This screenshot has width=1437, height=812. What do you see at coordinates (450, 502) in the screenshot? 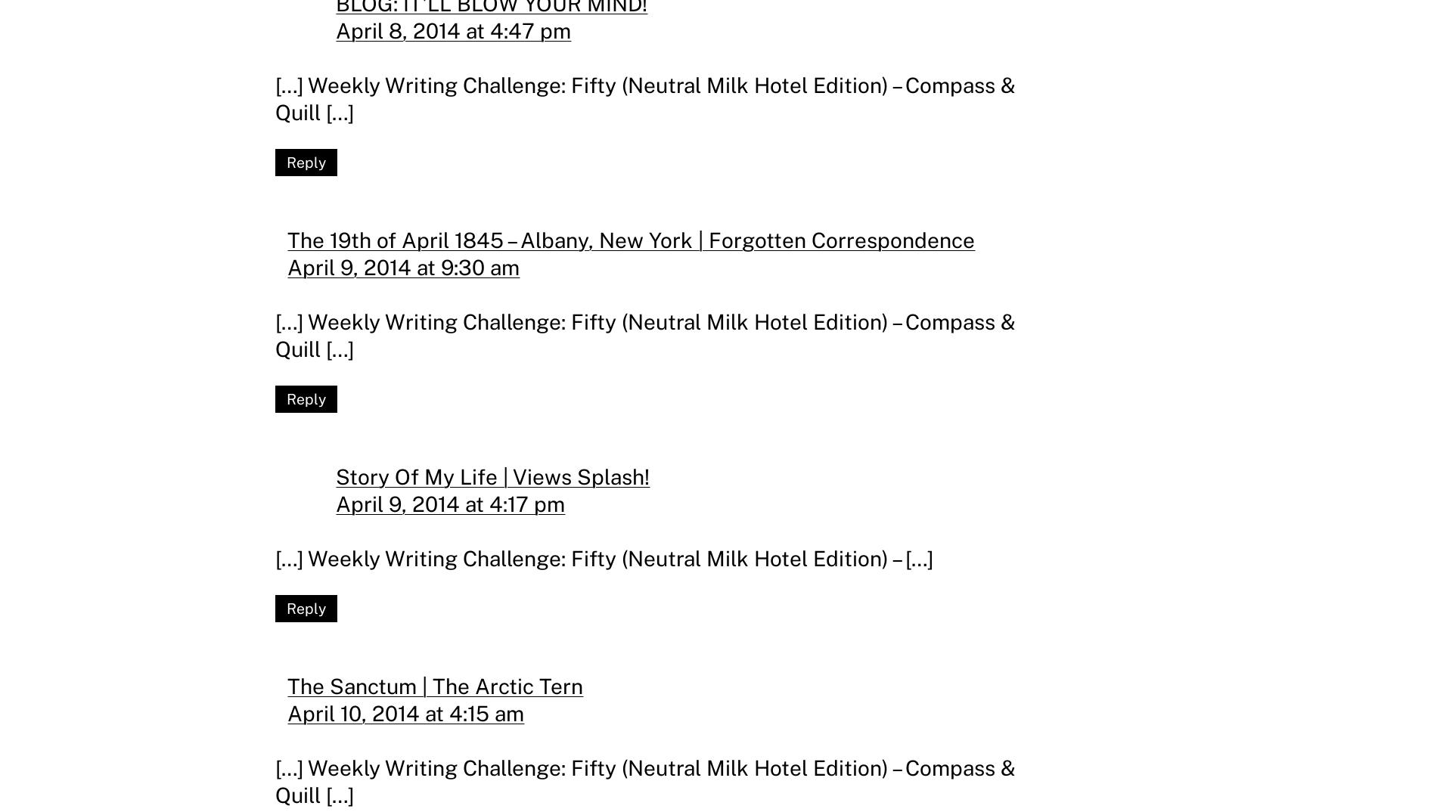
I see `'April 9, 2014 at 4:17 pm'` at bounding box center [450, 502].